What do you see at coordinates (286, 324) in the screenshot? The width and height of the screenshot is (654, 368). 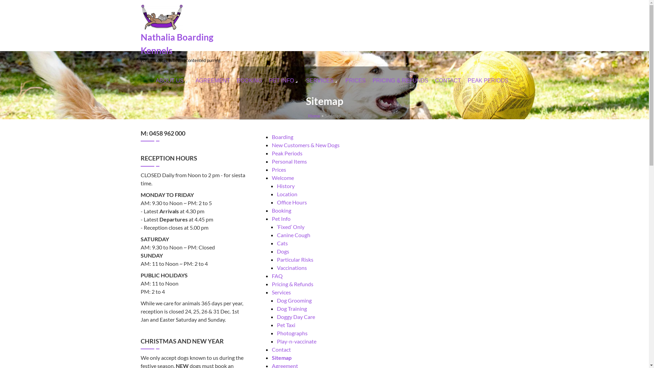 I see `'Pet Taxi'` at bounding box center [286, 324].